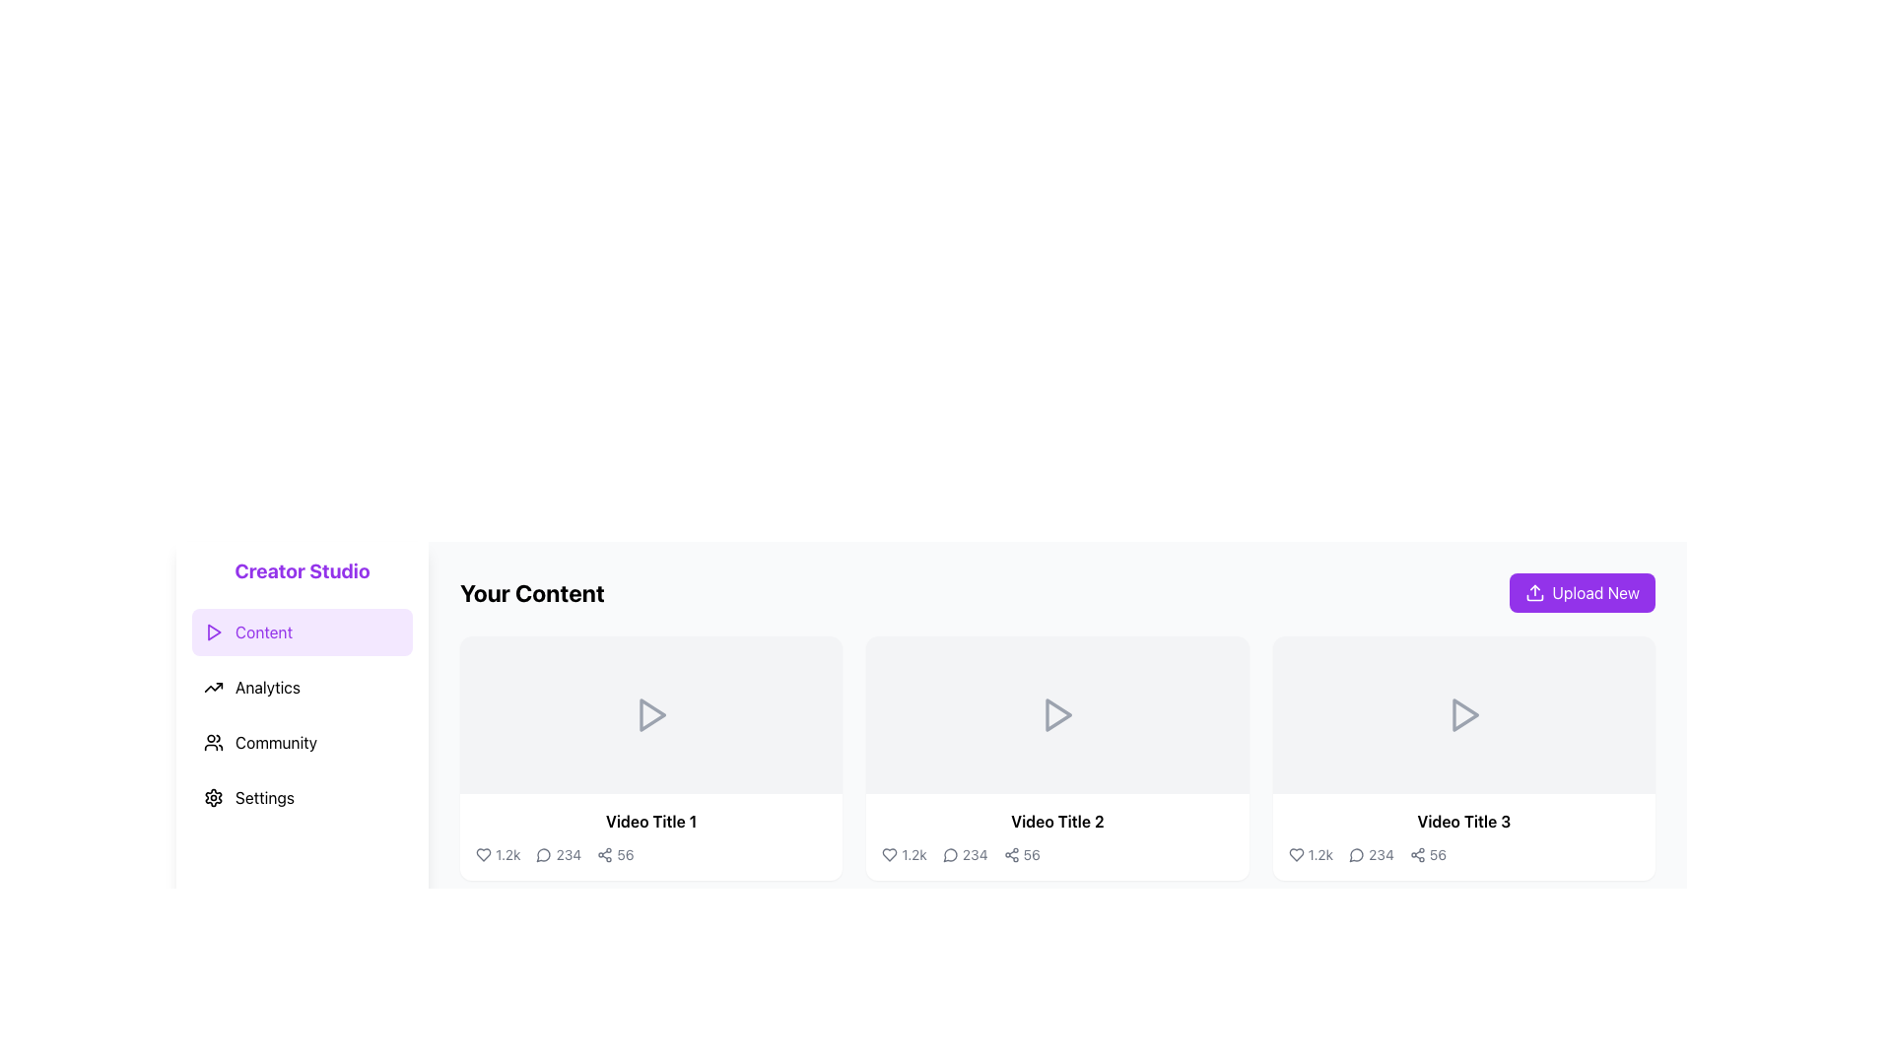 The width and height of the screenshot is (1892, 1064). What do you see at coordinates (213, 798) in the screenshot?
I see `the settings icon located on the left side of the interface, which enhances the settings option and indicates its configuration purpose` at bounding box center [213, 798].